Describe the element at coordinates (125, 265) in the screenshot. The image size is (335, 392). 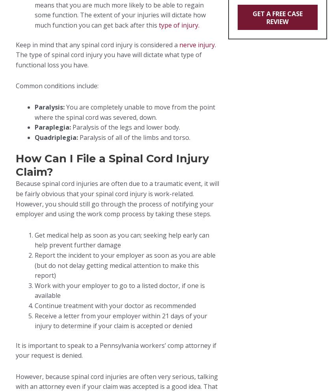
I see `'Report the incident to your employer as soon as you are able (but do not delay getting medical attention to make this report)'` at that location.